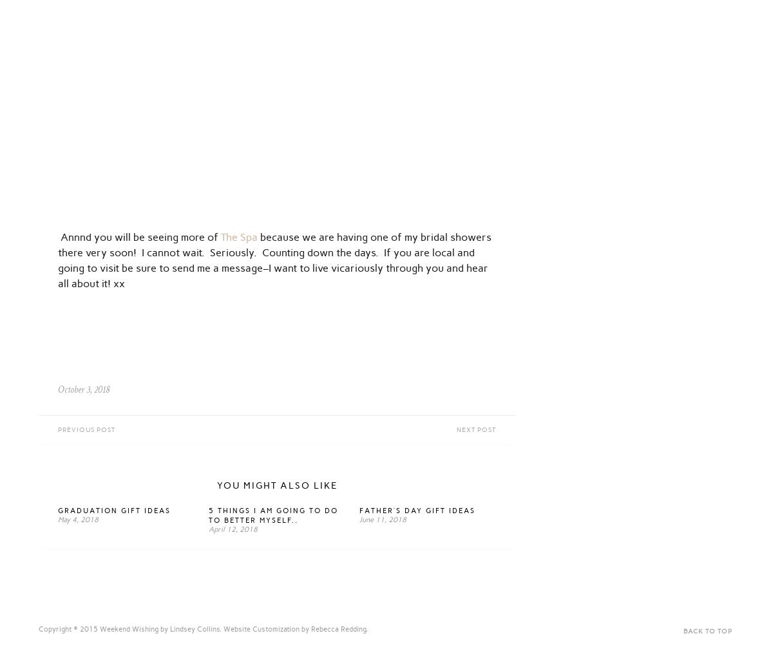 The height and width of the screenshot is (649, 773). I want to click on '5 THINGS I AM GOING TO DO TO BETTER MYSELF..', so click(273, 515).